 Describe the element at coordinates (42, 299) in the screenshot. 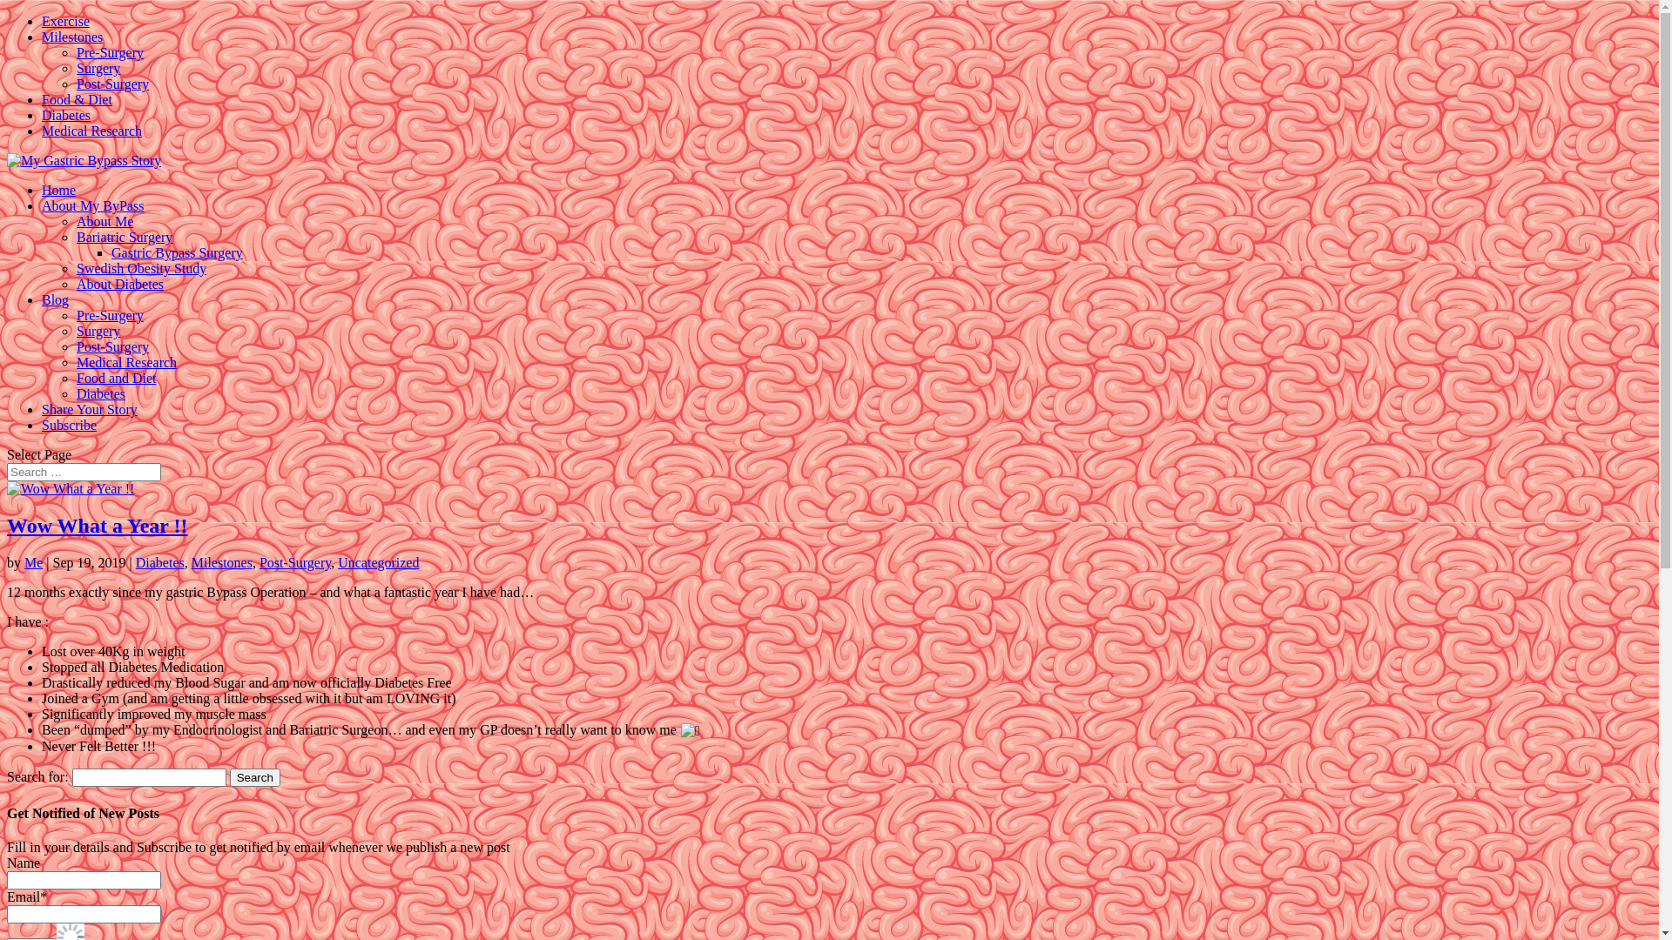

I see `'Blog'` at that location.